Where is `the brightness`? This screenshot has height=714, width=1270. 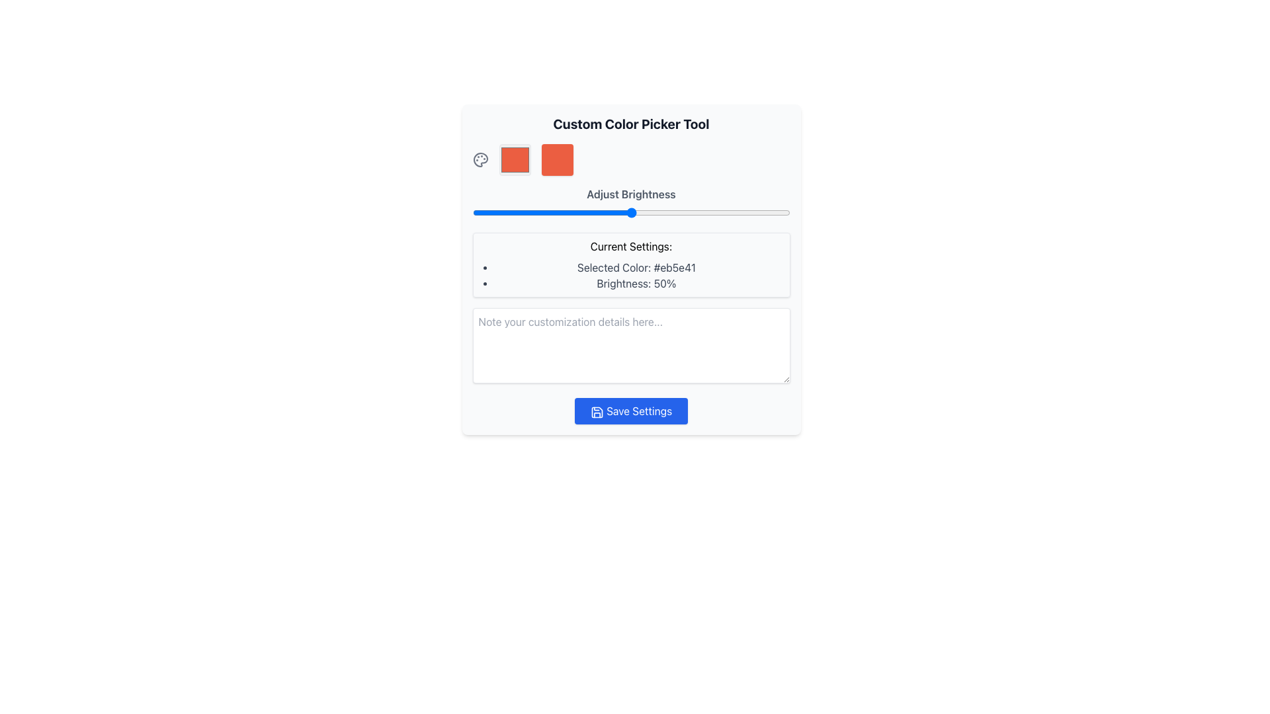
the brightness is located at coordinates (729, 212).